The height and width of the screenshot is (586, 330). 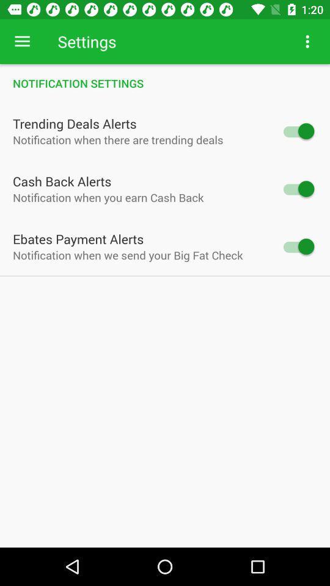 I want to click on turn off alert, so click(x=297, y=189).